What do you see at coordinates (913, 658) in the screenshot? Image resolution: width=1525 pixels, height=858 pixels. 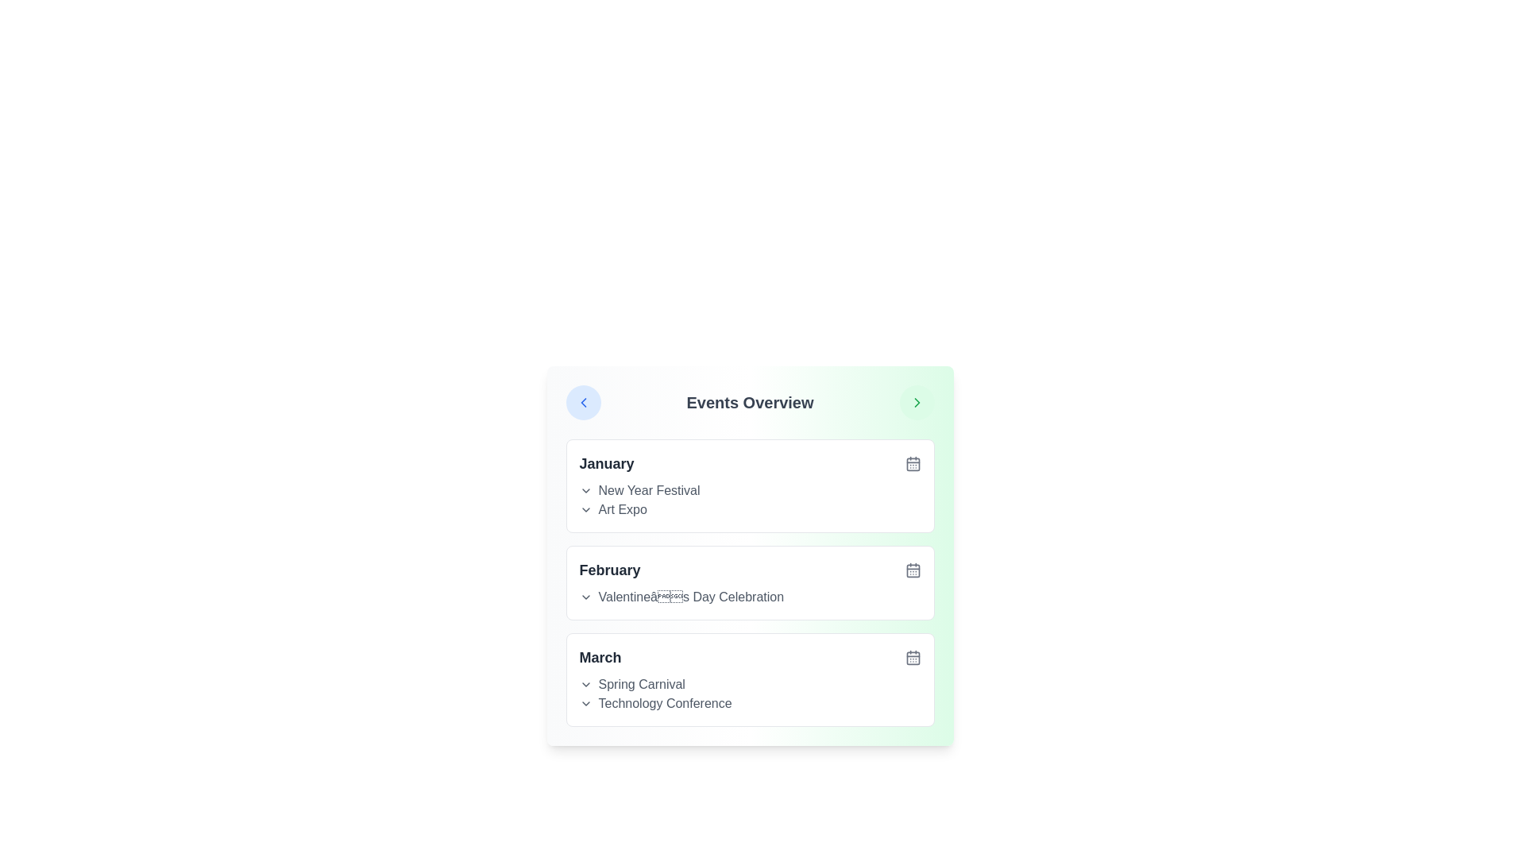 I see `the calendar icon for the month March` at bounding box center [913, 658].